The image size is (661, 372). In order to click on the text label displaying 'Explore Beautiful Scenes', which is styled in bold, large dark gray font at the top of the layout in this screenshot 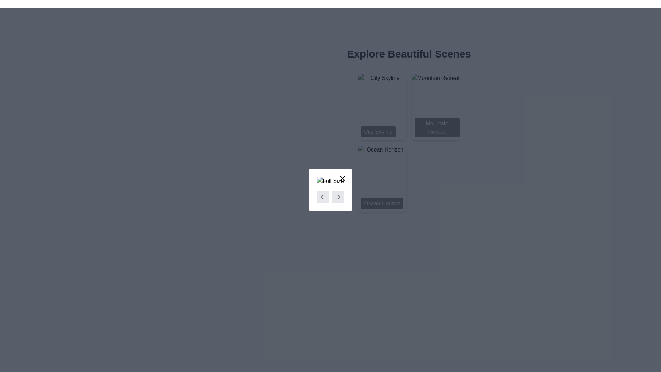, I will do `click(409, 54)`.